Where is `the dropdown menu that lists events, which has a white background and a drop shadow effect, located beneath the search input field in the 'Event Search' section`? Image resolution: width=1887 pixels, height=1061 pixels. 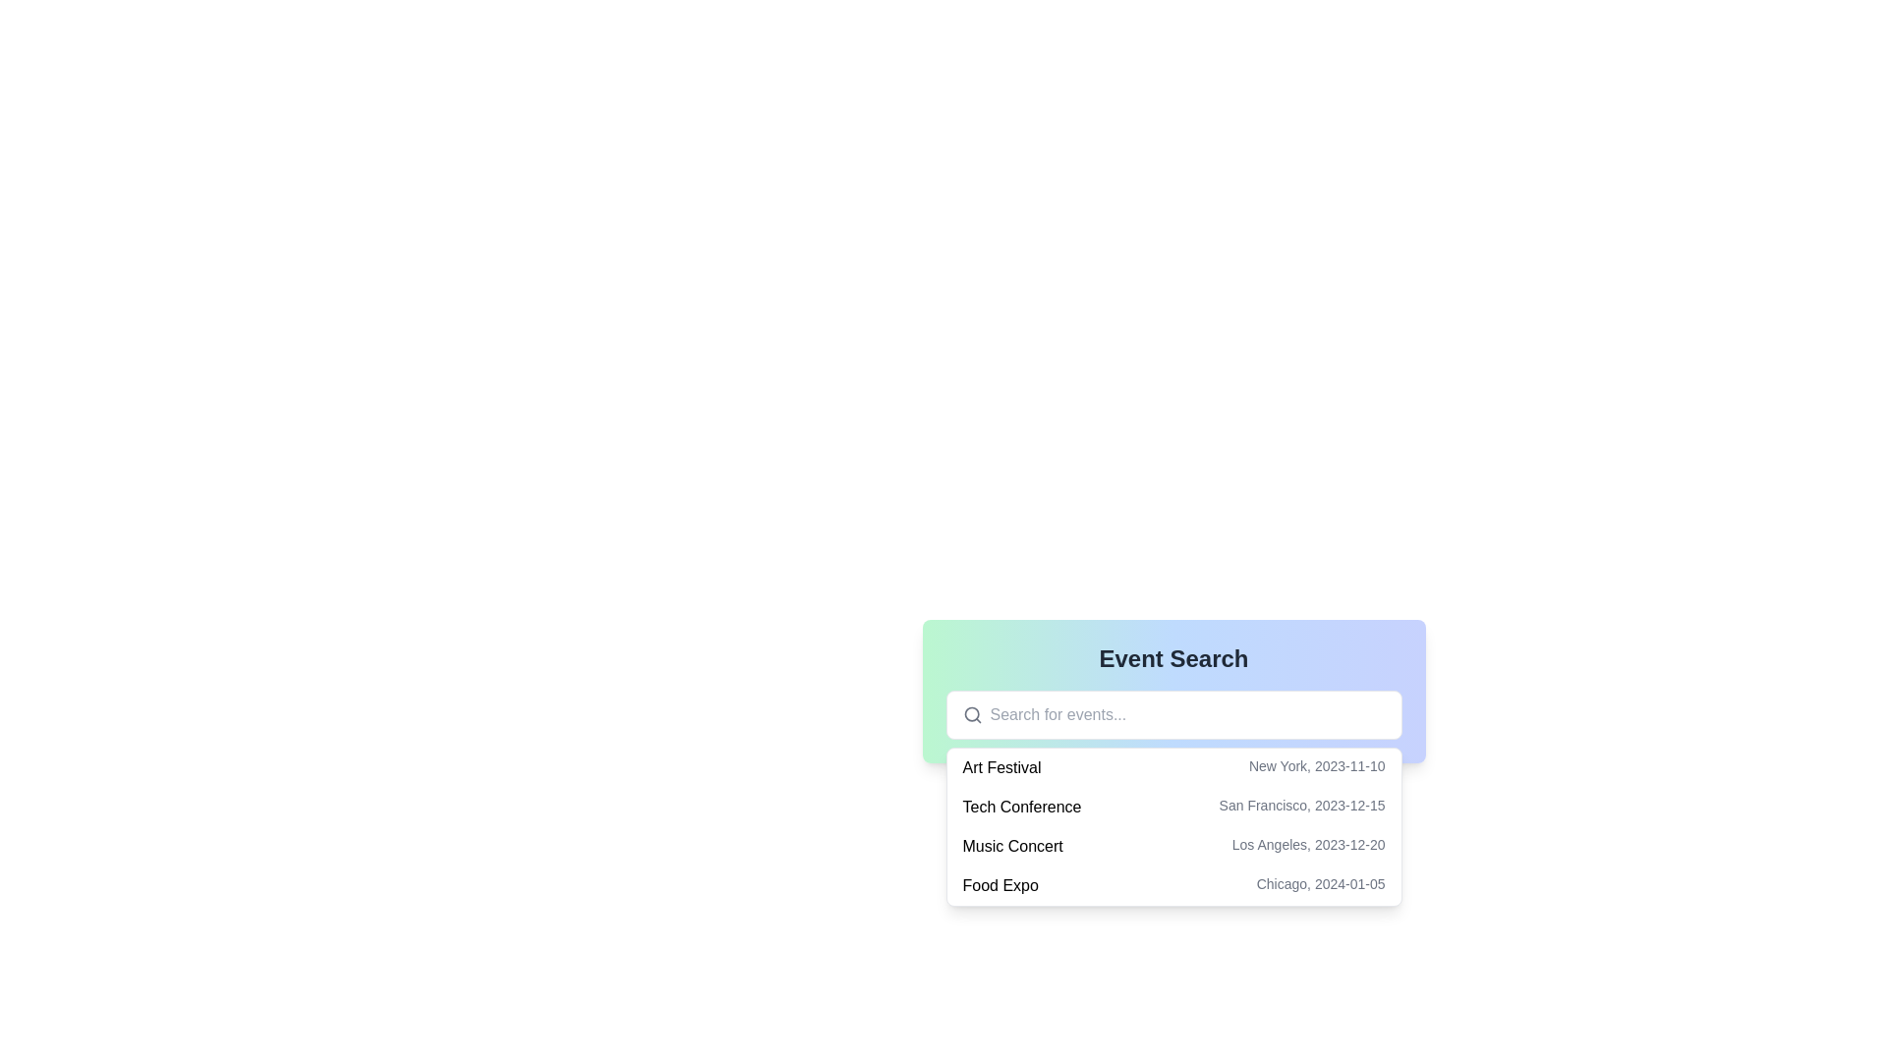 the dropdown menu that lists events, which has a white background and a drop shadow effect, located beneath the search input field in the 'Event Search' section is located at coordinates (1173, 826).